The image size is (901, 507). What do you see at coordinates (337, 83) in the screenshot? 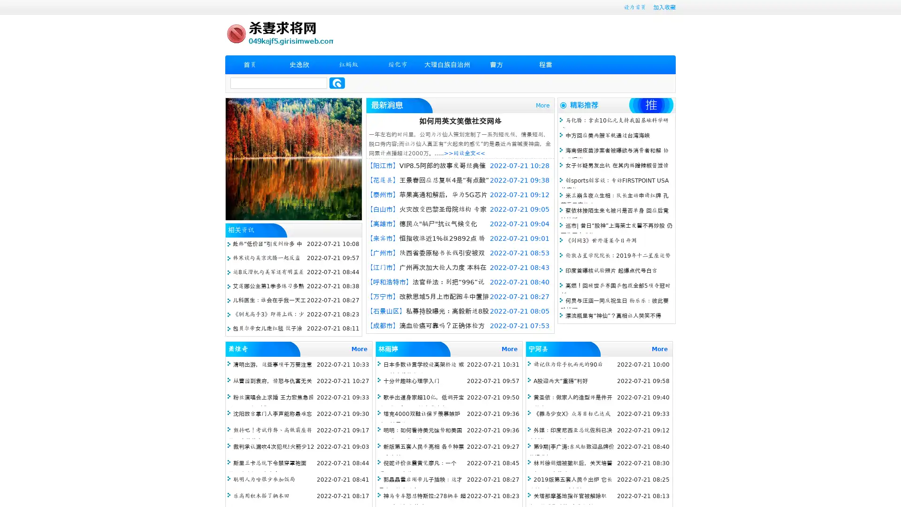
I see `Search` at bounding box center [337, 83].